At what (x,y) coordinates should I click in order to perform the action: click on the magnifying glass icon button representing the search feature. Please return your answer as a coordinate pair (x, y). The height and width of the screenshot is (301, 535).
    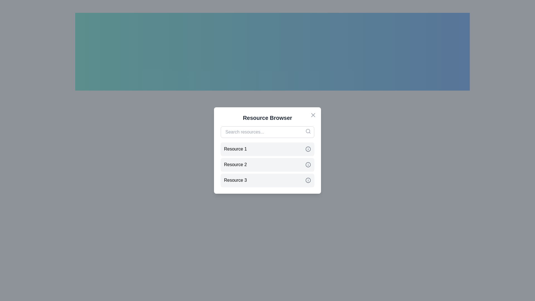
    Looking at the image, I should click on (308, 131).